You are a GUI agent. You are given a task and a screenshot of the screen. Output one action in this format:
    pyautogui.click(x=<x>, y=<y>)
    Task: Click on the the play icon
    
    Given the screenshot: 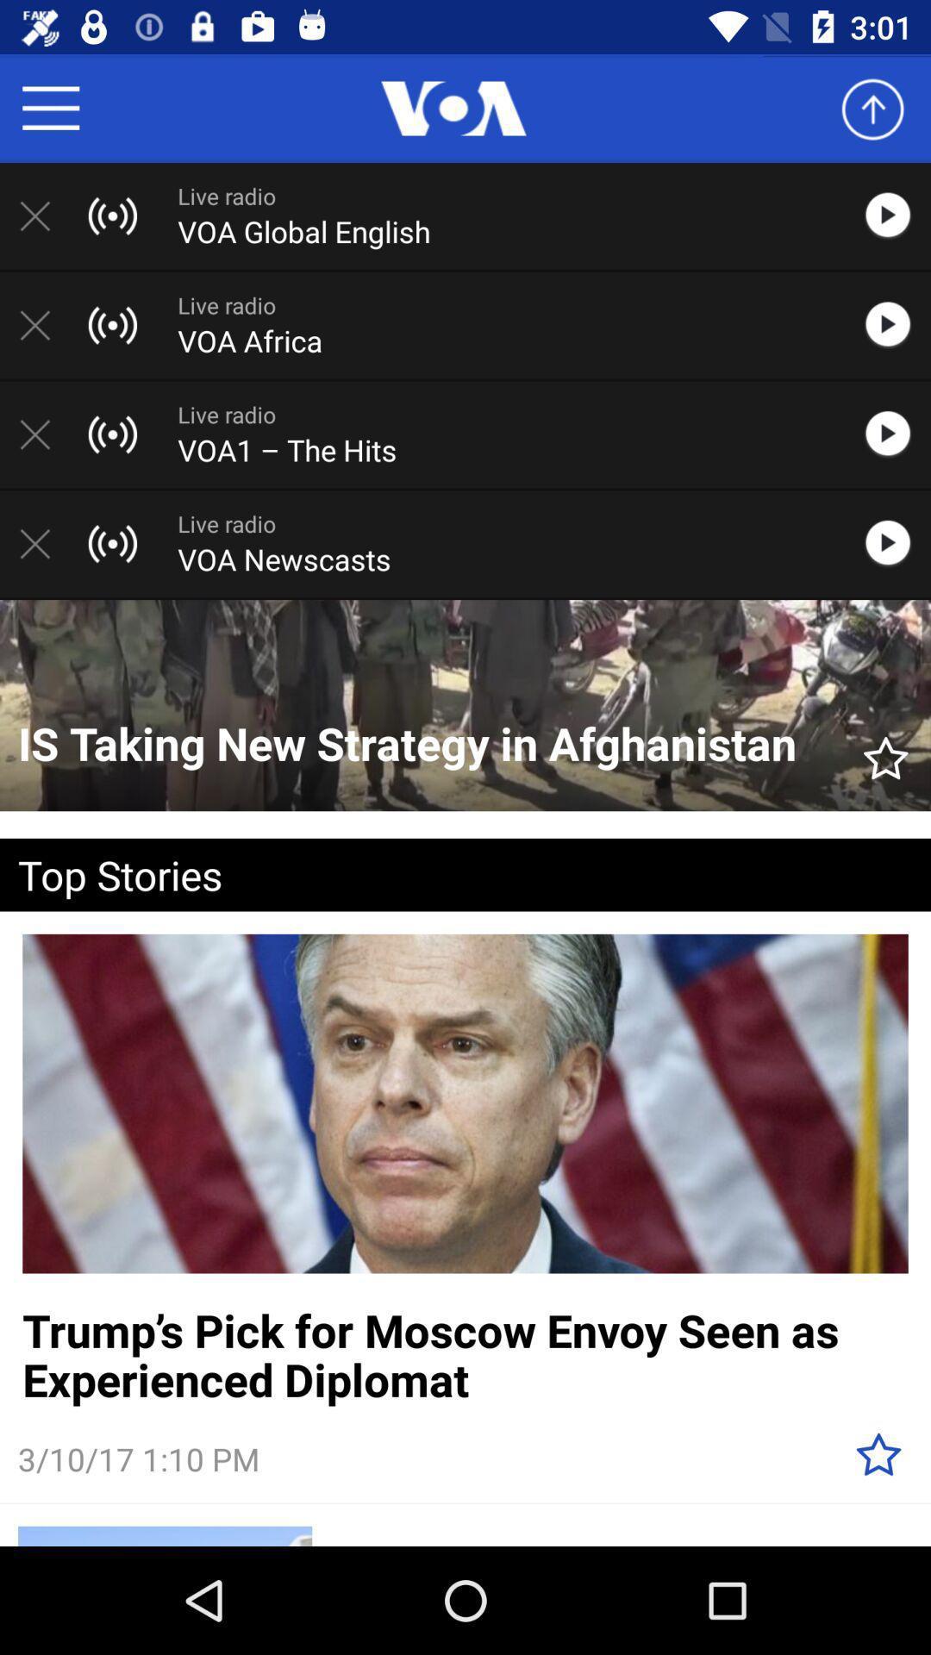 What is the action you would take?
    pyautogui.click(x=896, y=215)
    